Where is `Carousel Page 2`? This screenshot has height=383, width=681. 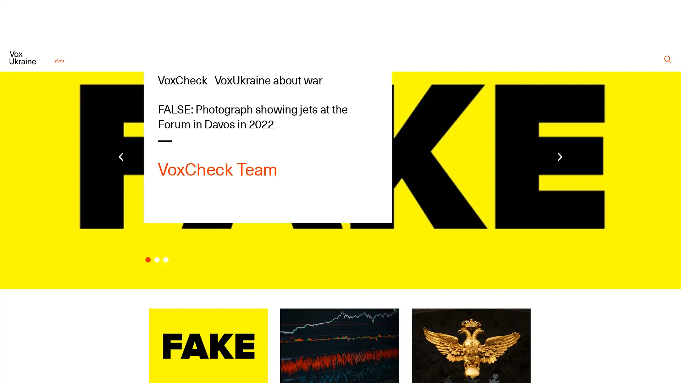
Carousel Page 2 is located at coordinates (156, 285).